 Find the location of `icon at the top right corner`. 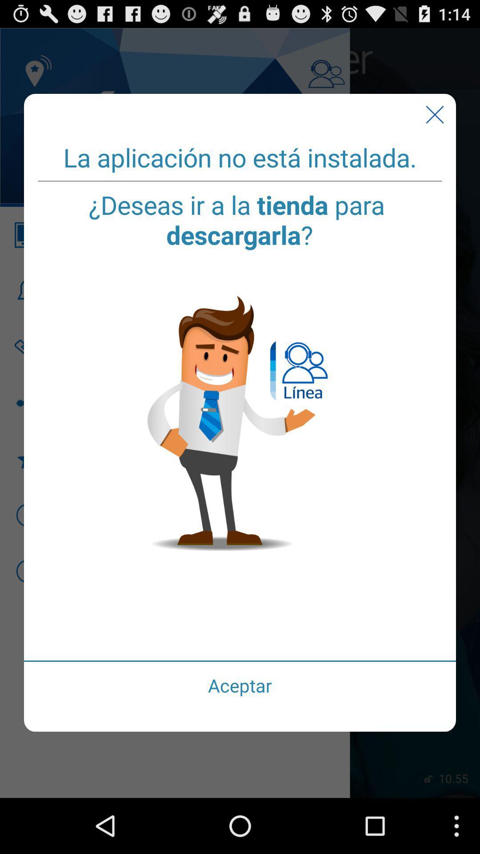

icon at the top right corner is located at coordinates (434, 114).